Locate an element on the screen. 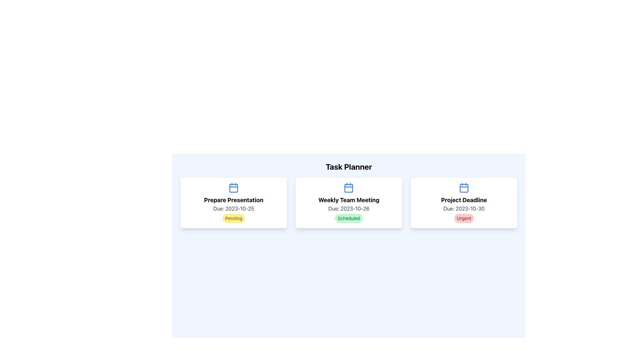 This screenshot has height=351, width=624. the bolded text label reading 'Project Deadline' which is styled as a heading in the third column of the Task Planner section is located at coordinates (463, 200).